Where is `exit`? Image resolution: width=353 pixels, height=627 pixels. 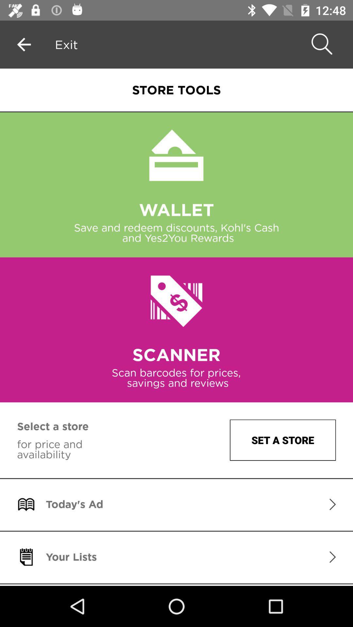
exit is located at coordinates (66, 44).